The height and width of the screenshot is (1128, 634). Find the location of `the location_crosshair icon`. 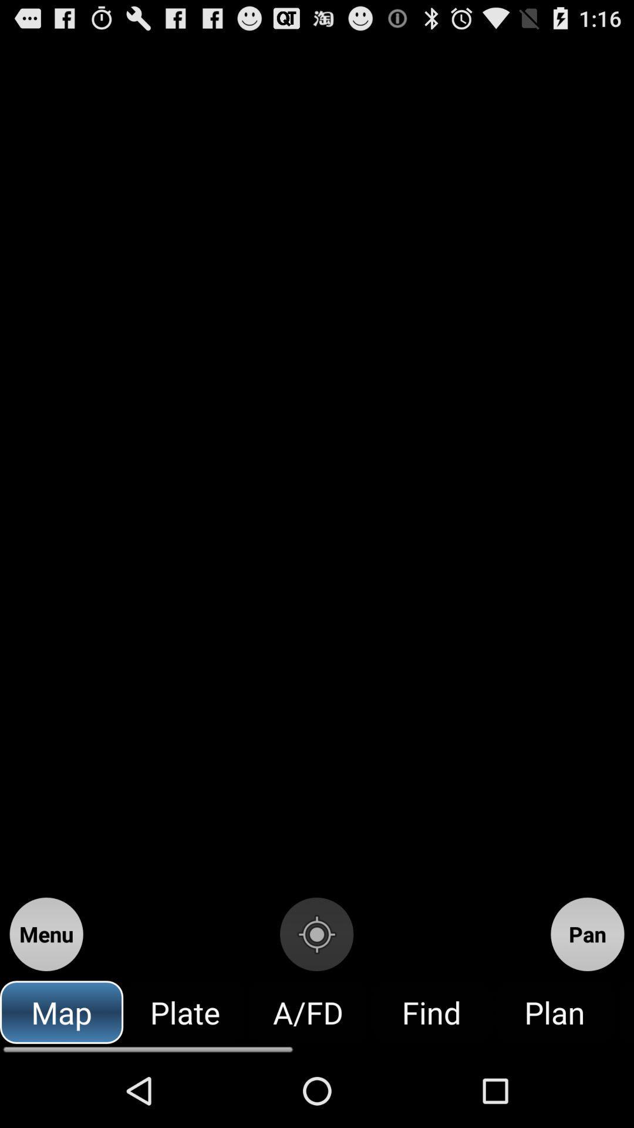

the location_crosshair icon is located at coordinates (316, 999).